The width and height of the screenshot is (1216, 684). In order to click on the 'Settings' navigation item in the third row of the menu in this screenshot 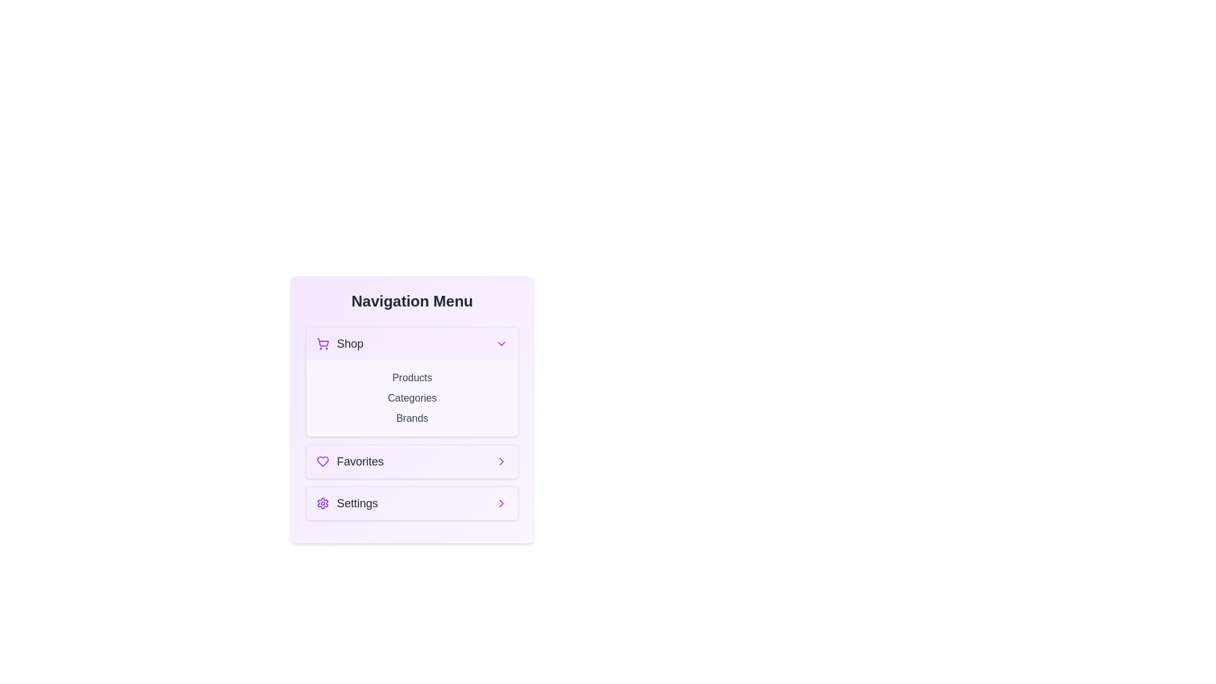, I will do `click(347, 502)`.